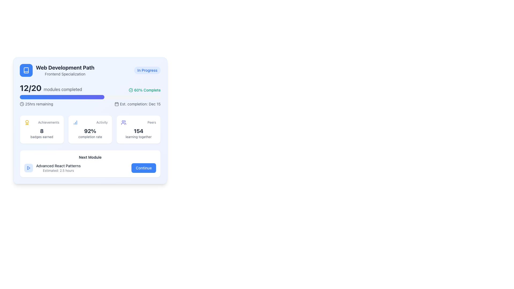 The height and width of the screenshot is (289, 514). I want to click on the text label displaying the next module name ('Advanced React Patterns') and its estimated time to completion ('2.5 hours') for potential additional details, so click(58, 168).